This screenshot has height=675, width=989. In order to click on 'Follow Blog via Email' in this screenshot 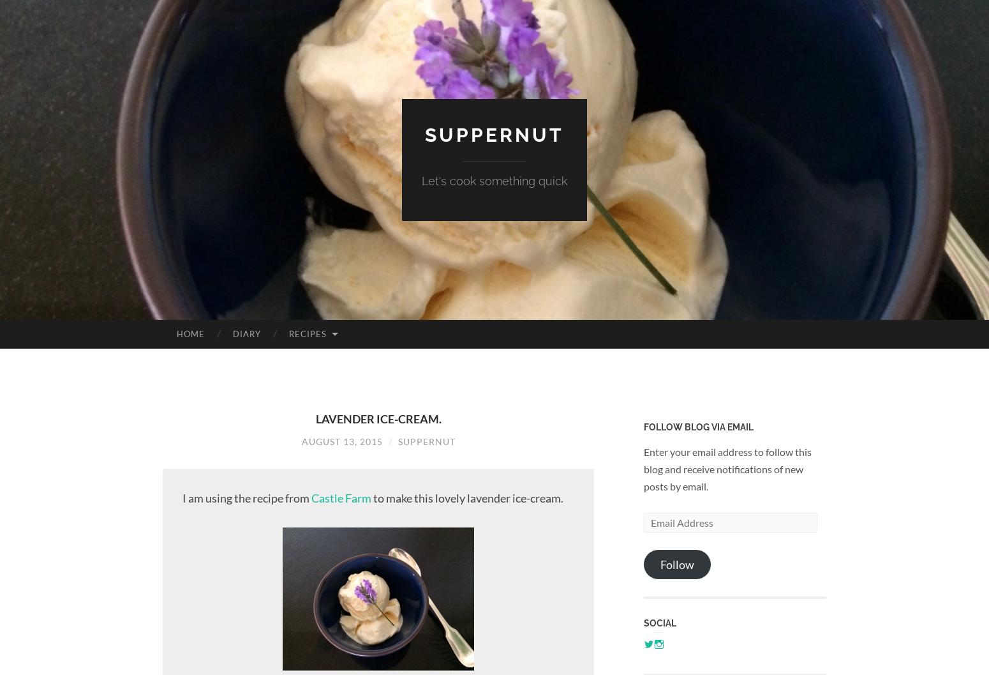, I will do `click(698, 427)`.